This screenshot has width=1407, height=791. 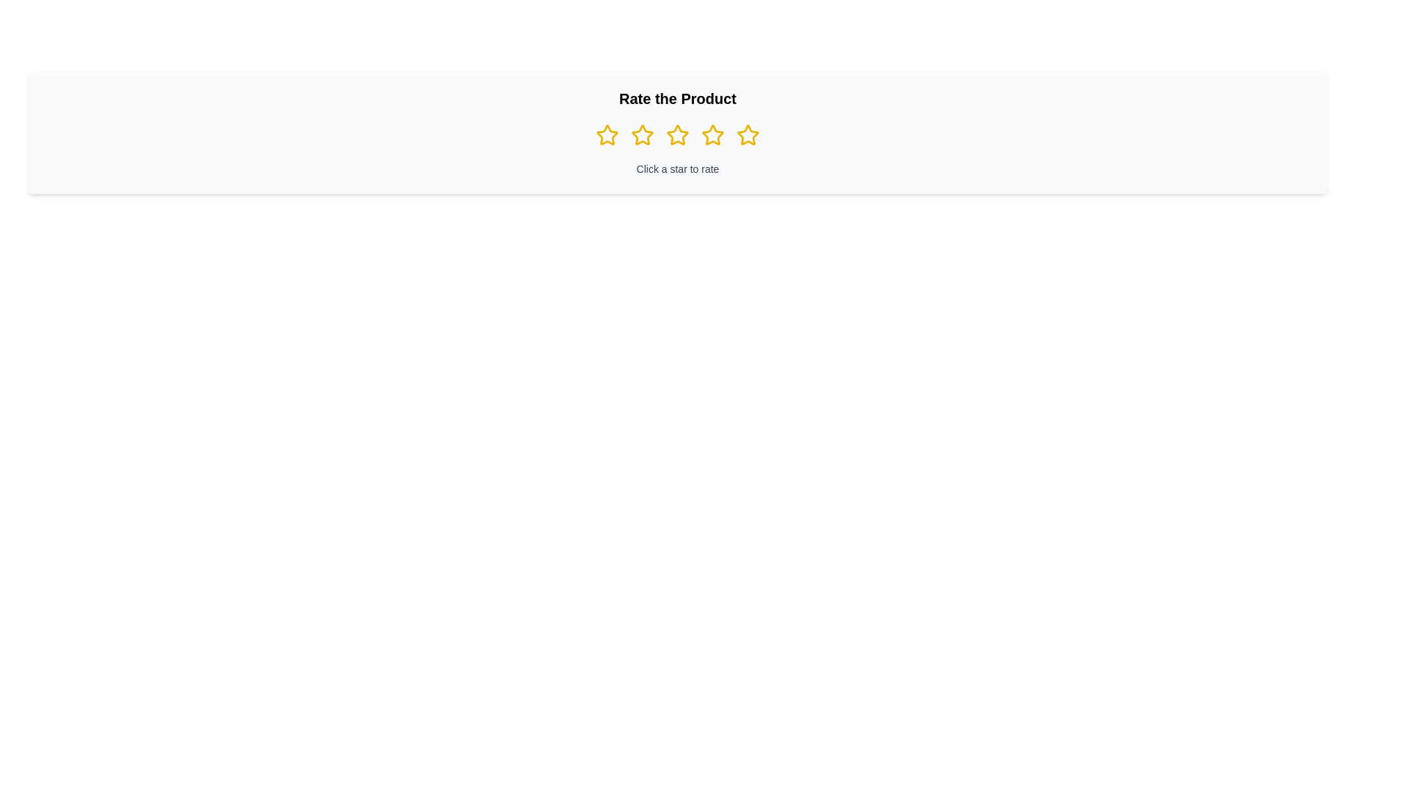 What do you see at coordinates (677, 135) in the screenshot?
I see `the third star in the rating system` at bounding box center [677, 135].